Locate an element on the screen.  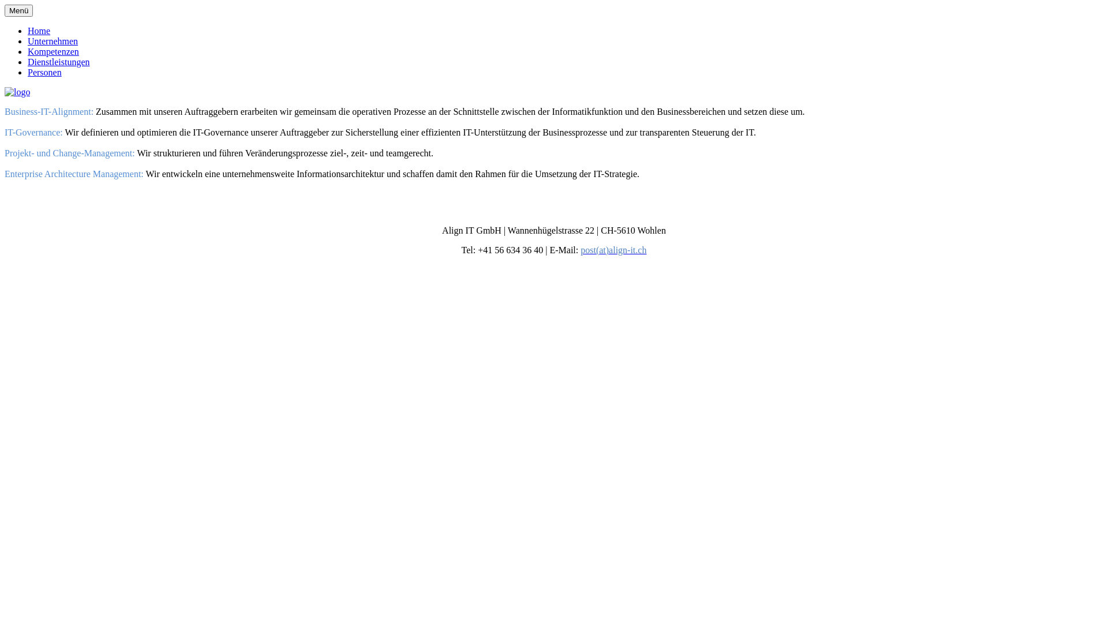
'logo' is located at coordinates (5, 91).